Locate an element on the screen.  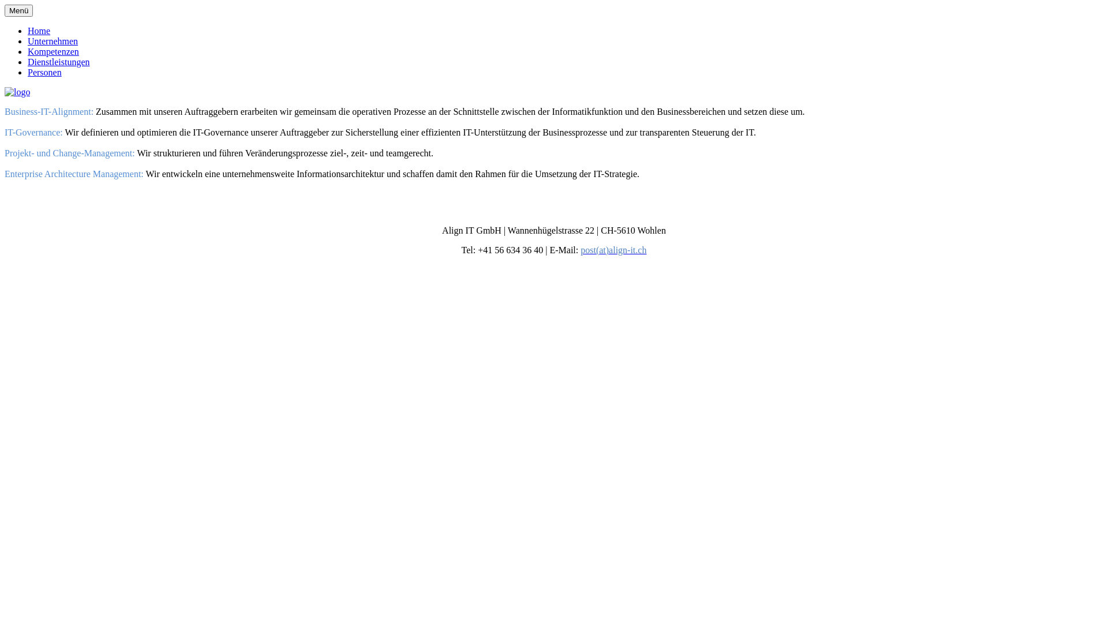
'logo' is located at coordinates (5, 91).